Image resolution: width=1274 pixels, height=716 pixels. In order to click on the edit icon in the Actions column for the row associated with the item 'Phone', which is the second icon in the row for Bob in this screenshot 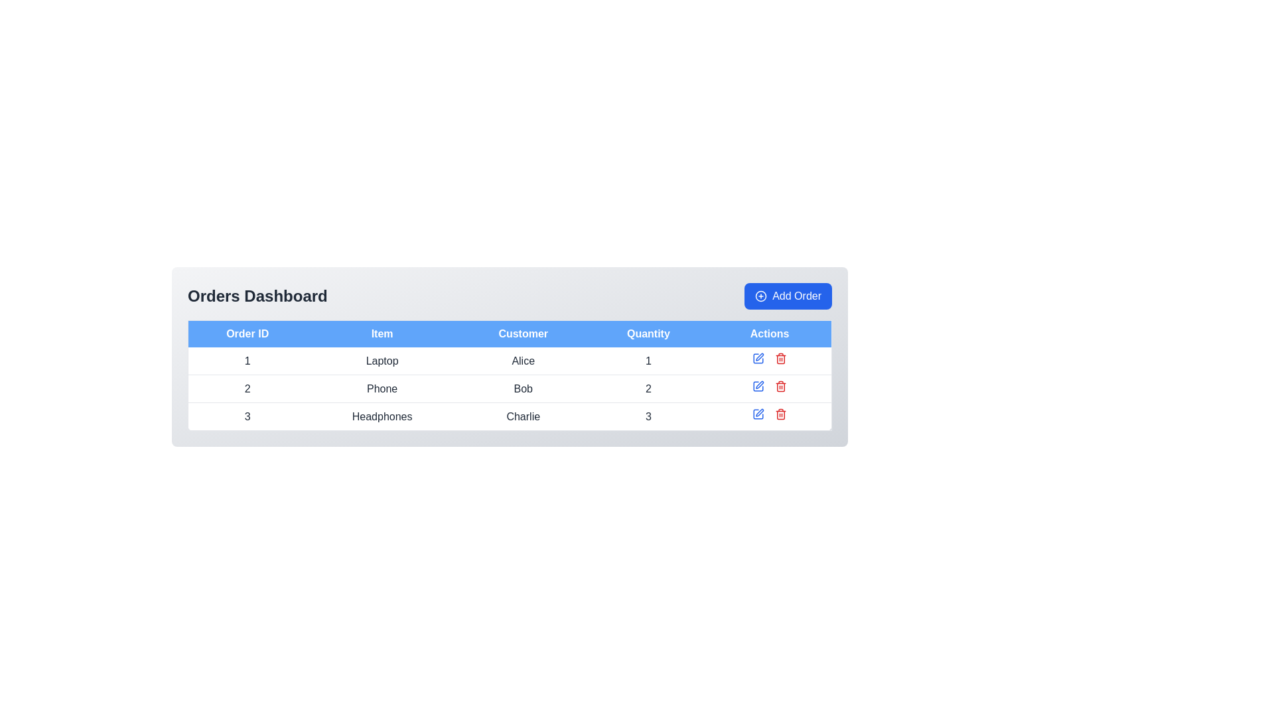, I will do `click(760, 356)`.